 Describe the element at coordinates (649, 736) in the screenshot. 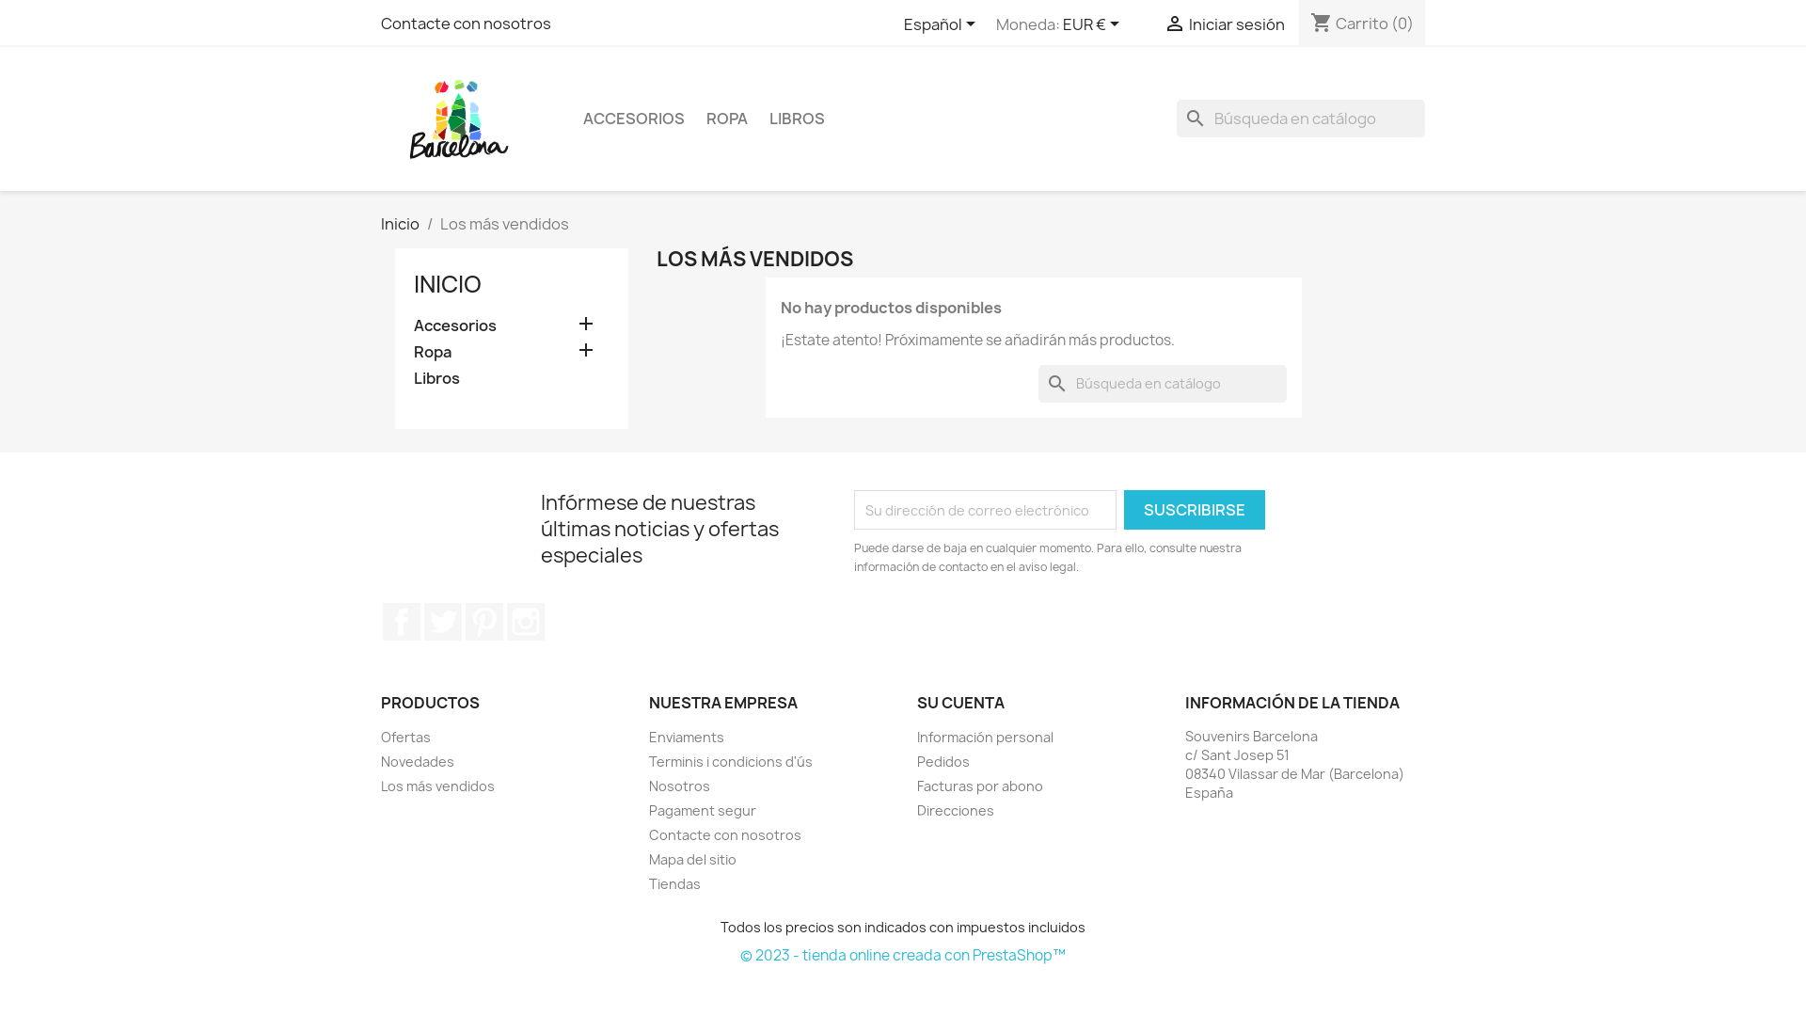

I see `'Enviaments'` at that location.